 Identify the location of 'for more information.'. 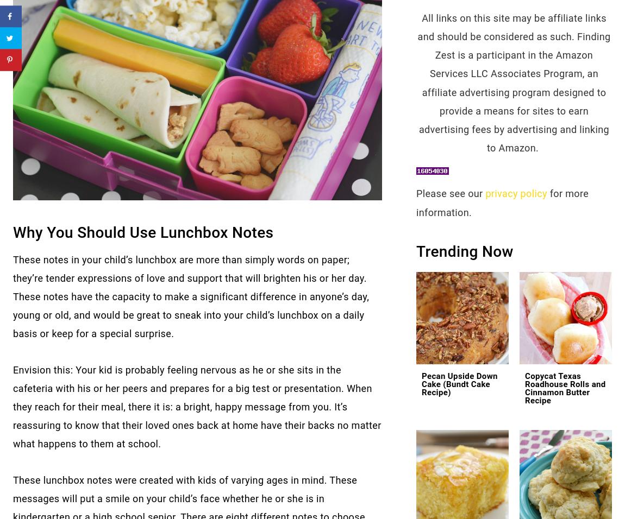
(502, 202).